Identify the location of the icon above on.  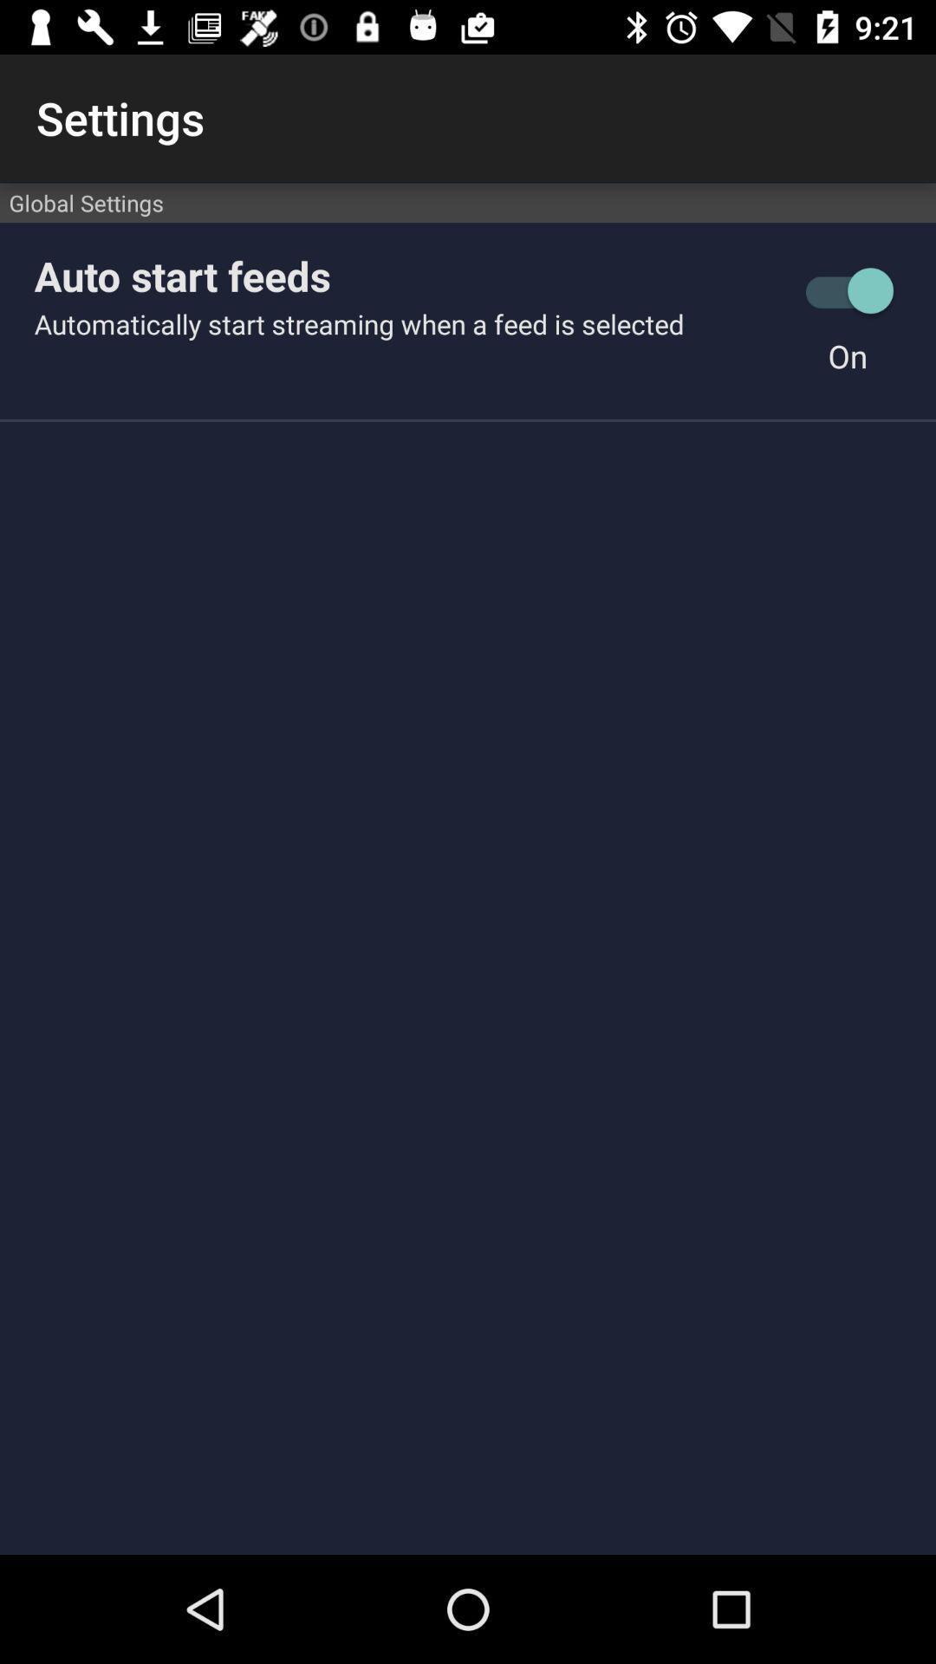
(847, 290).